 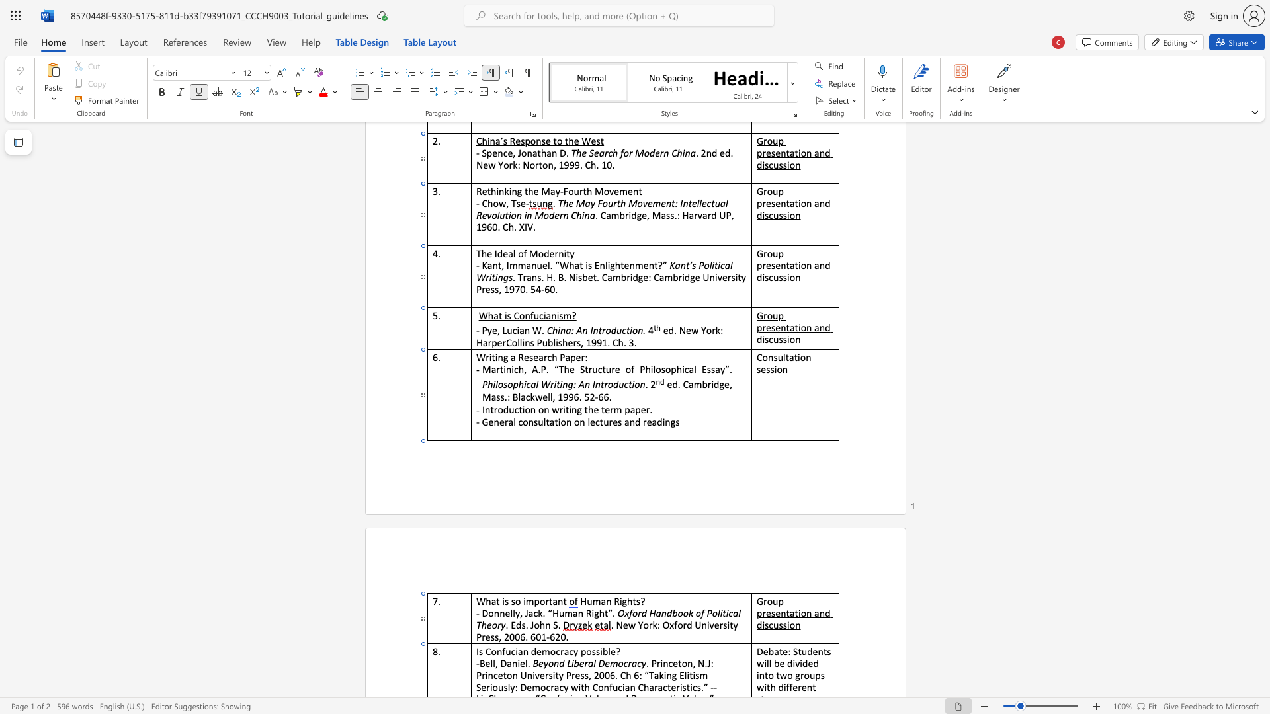 I want to click on the 1th character "h" in the text, so click(x=542, y=625).